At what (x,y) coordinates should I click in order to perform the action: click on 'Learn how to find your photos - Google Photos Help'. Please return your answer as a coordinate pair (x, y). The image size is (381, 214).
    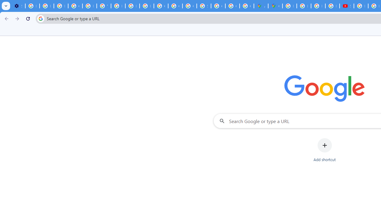
    Looking at the image, I should click on (46, 6).